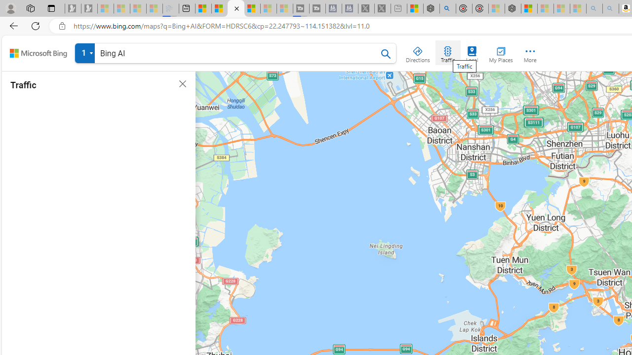  Describe the element at coordinates (39, 53) in the screenshot. I see `'Class: sbElement'` at that location.